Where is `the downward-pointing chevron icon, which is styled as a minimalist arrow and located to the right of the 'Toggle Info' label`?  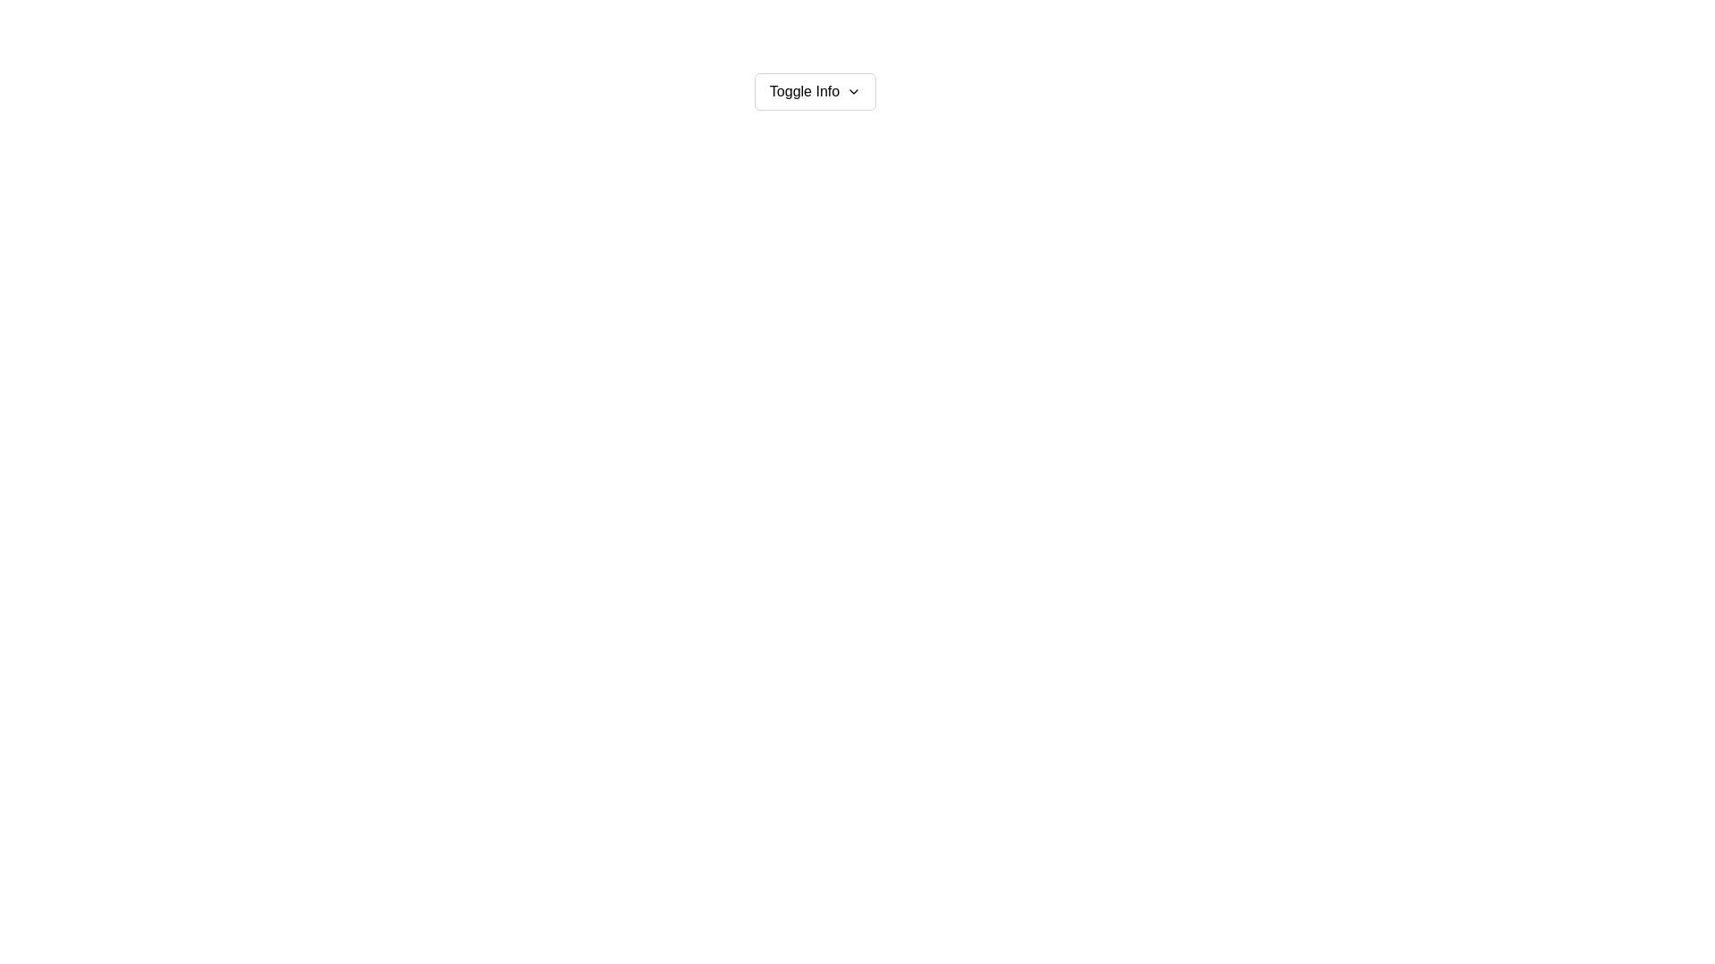 the downward-pointing chevron icon, which is styled as a minimalist arrow and located to the right of the 'Toggle Info' label is located at coordinates (853, 92).